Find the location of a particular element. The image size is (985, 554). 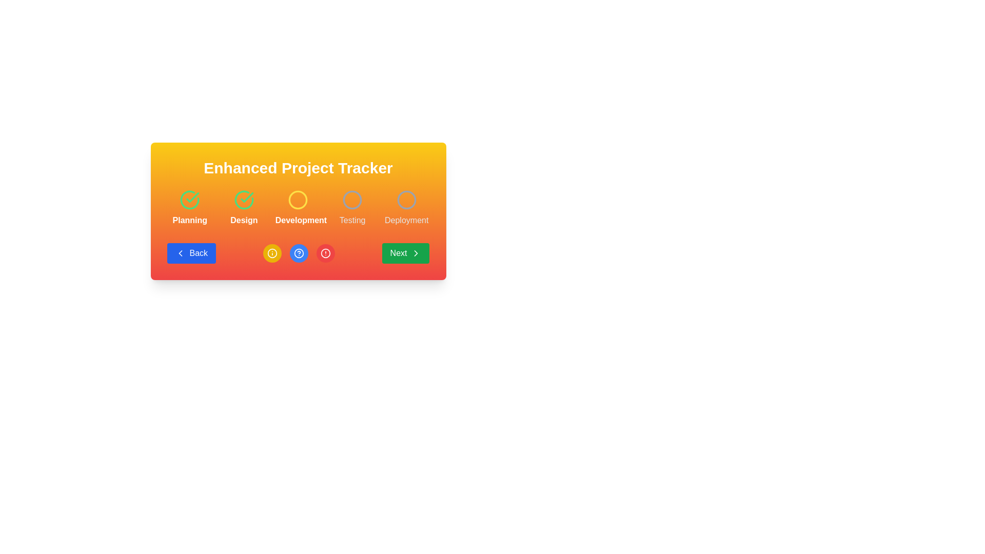

the 'Back' button with a blue background and rounded corners, located on the leftmost side under 'Enhanced Project Tracker' is located at coordinates (191, 253).